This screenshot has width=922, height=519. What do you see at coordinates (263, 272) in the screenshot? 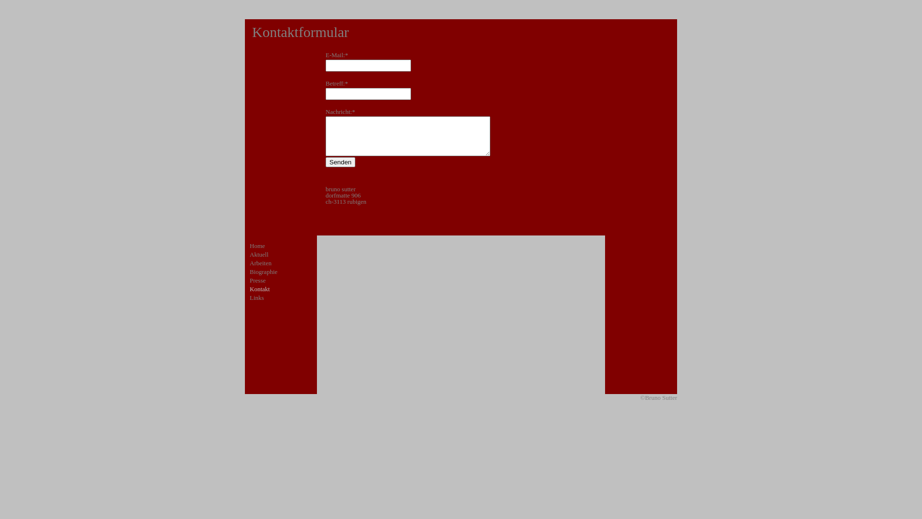
I see `'Biographie'` at bounding box center [263, 272].